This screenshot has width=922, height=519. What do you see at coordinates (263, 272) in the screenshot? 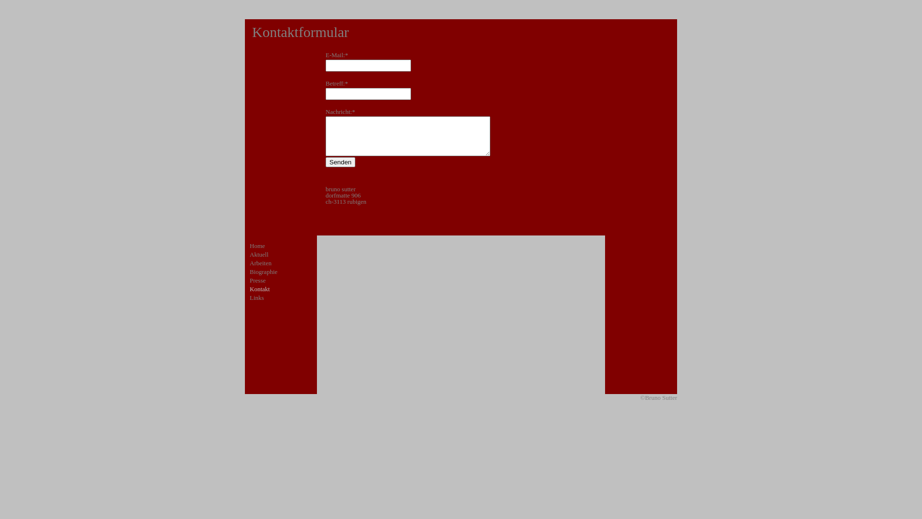
I see `'Biographie'` at bounding box center [263, 272].